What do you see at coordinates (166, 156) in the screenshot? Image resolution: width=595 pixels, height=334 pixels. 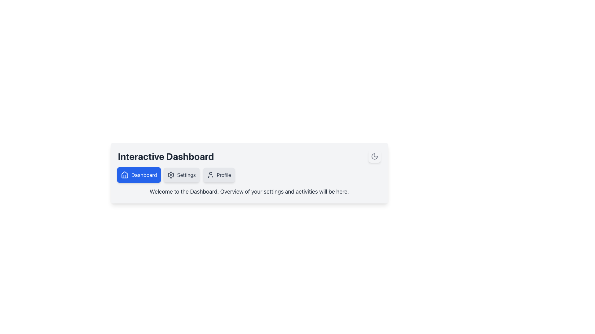 I see `the bold text 'Interactive Dashboard' located in the header section, which is prominently displayed in a large font size and dark color, positioned at the far left side of the interface` at bounding box center [166, 156].